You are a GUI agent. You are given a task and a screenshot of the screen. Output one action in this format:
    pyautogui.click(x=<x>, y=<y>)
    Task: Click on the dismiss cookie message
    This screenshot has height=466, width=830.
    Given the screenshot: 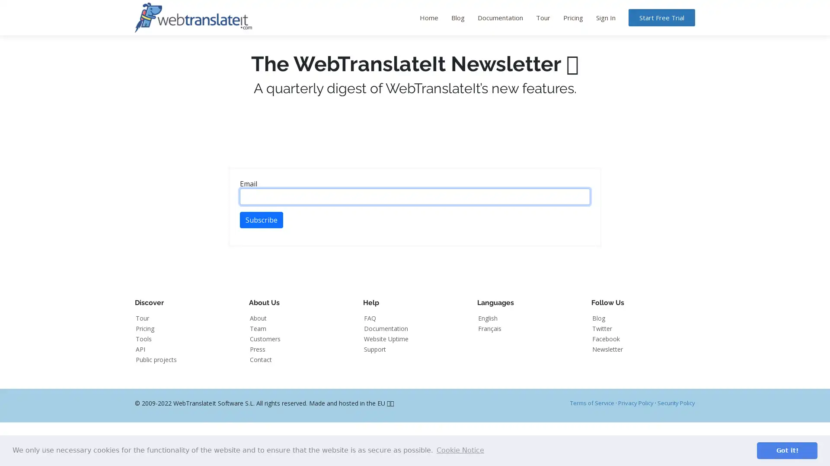 What is the action you would take?
    pyautogui.click(x=787, y=450)
    